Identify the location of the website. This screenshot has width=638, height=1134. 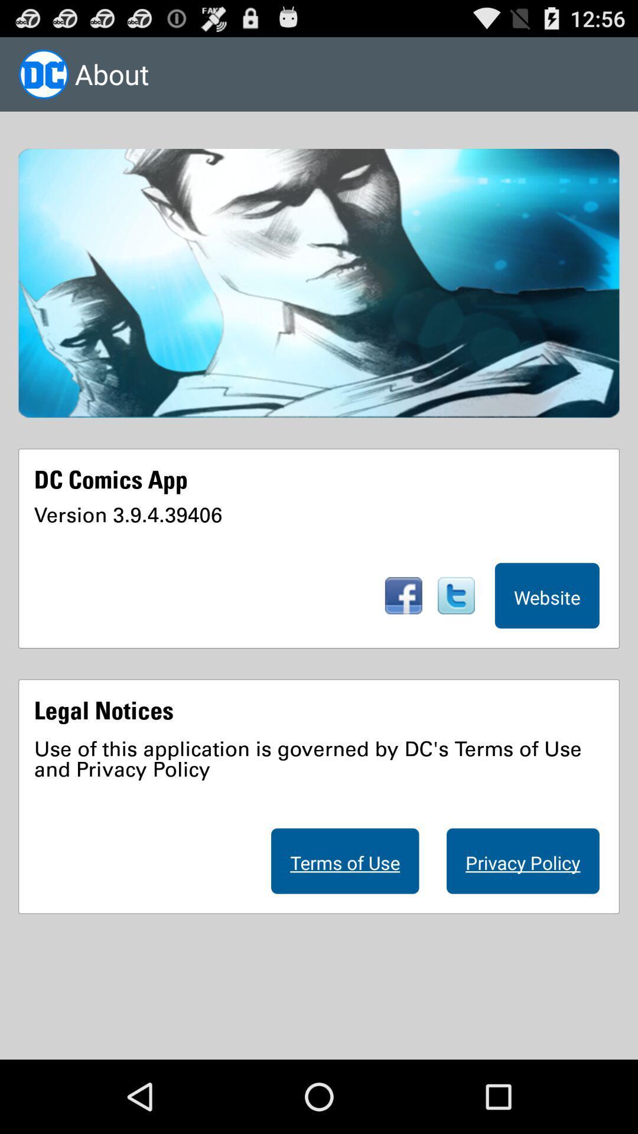
(547, 595).